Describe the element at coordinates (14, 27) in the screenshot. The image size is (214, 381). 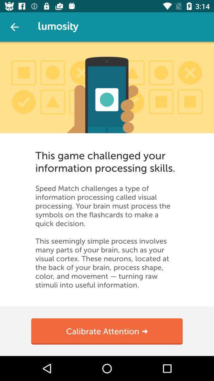
I see `go back` at that location.